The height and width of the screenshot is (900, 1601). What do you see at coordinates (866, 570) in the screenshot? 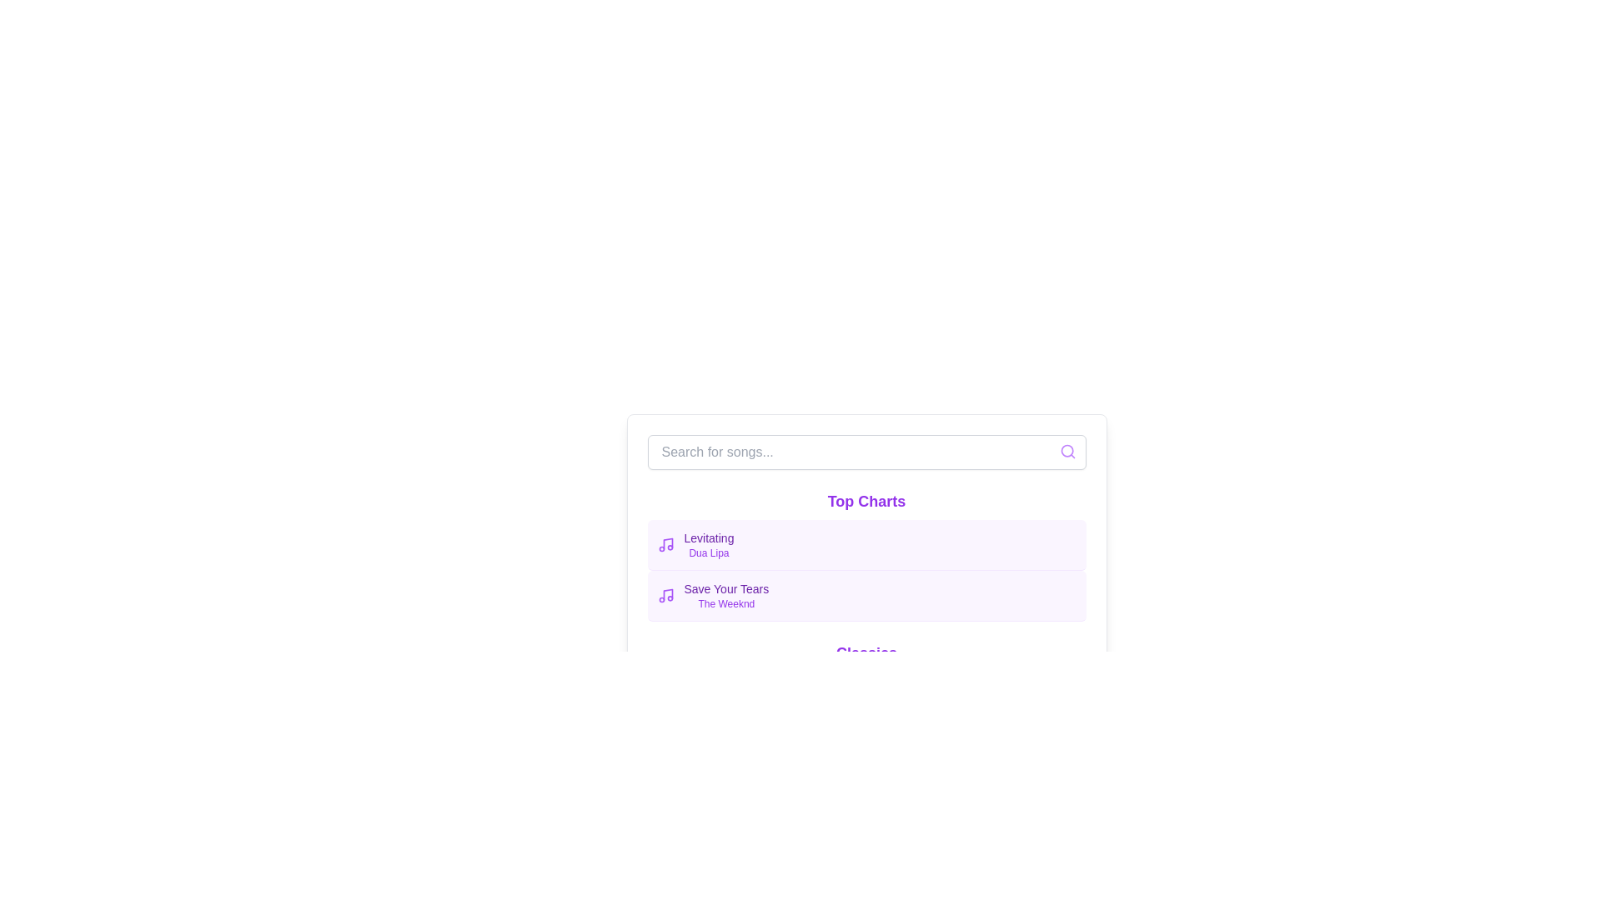
I see `the second list item` at bounding box center [866, 570].